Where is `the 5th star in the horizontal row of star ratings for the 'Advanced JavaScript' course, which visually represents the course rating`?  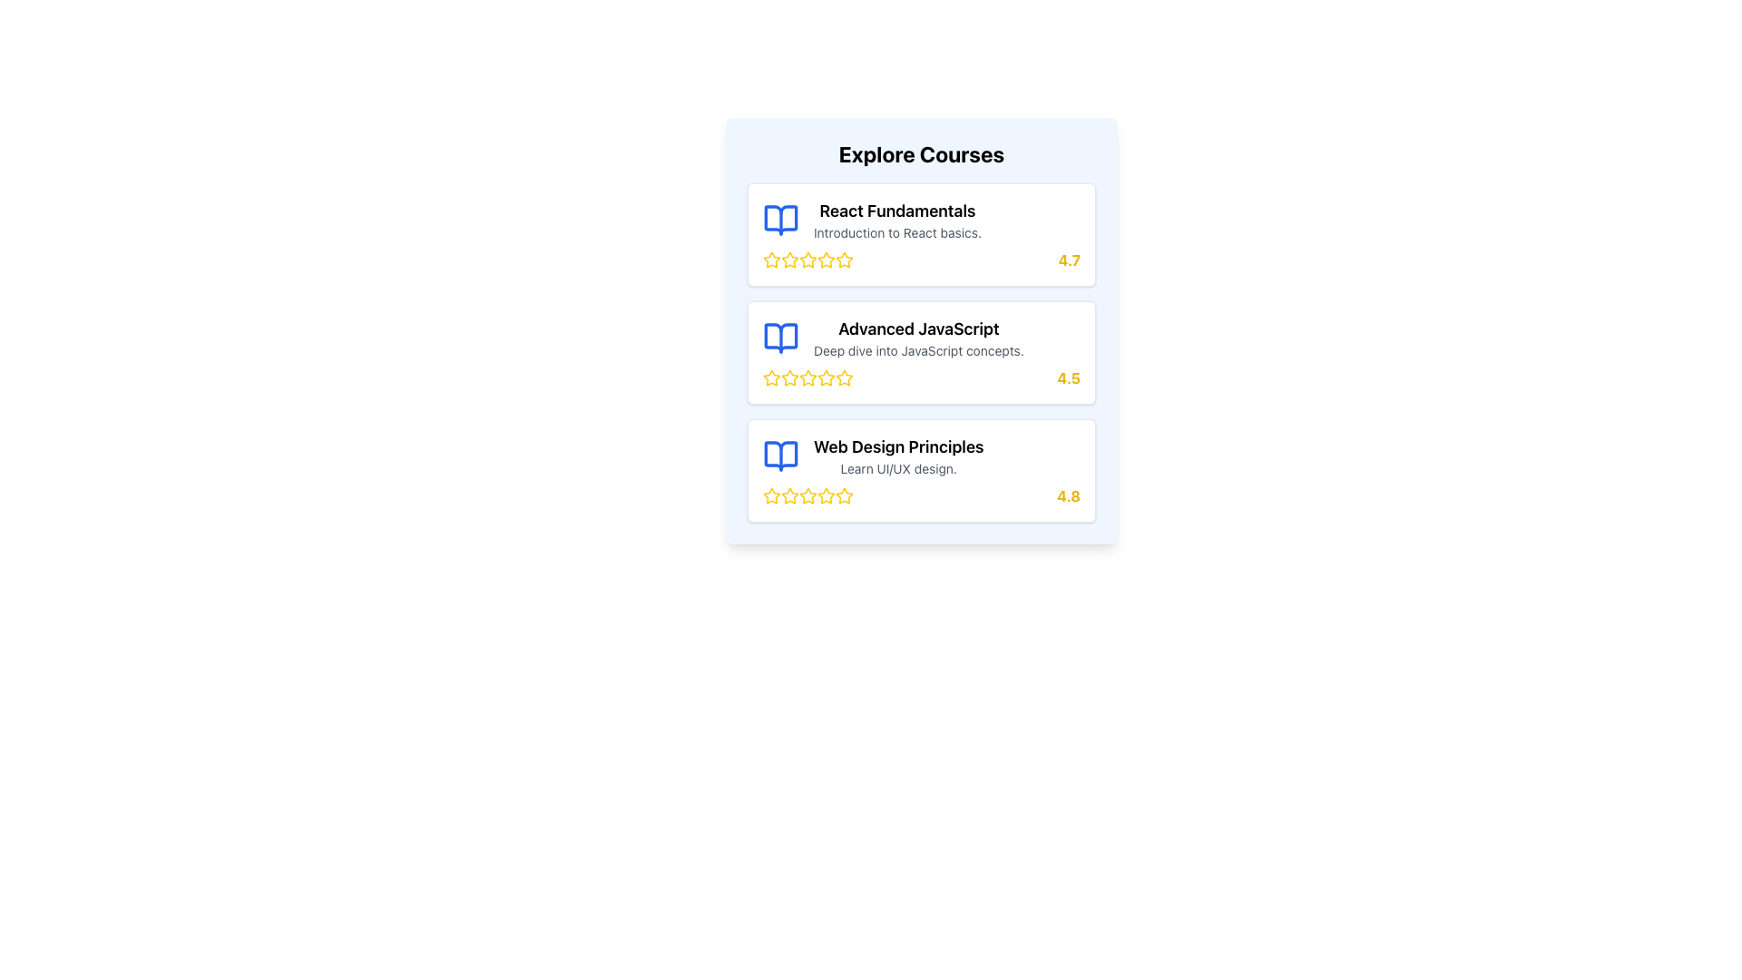
the 5th star in the horizontal row of star ratings for the 'Advanced JavaScript' course, which visually represents the course rating is located at coordinates (826, 377).